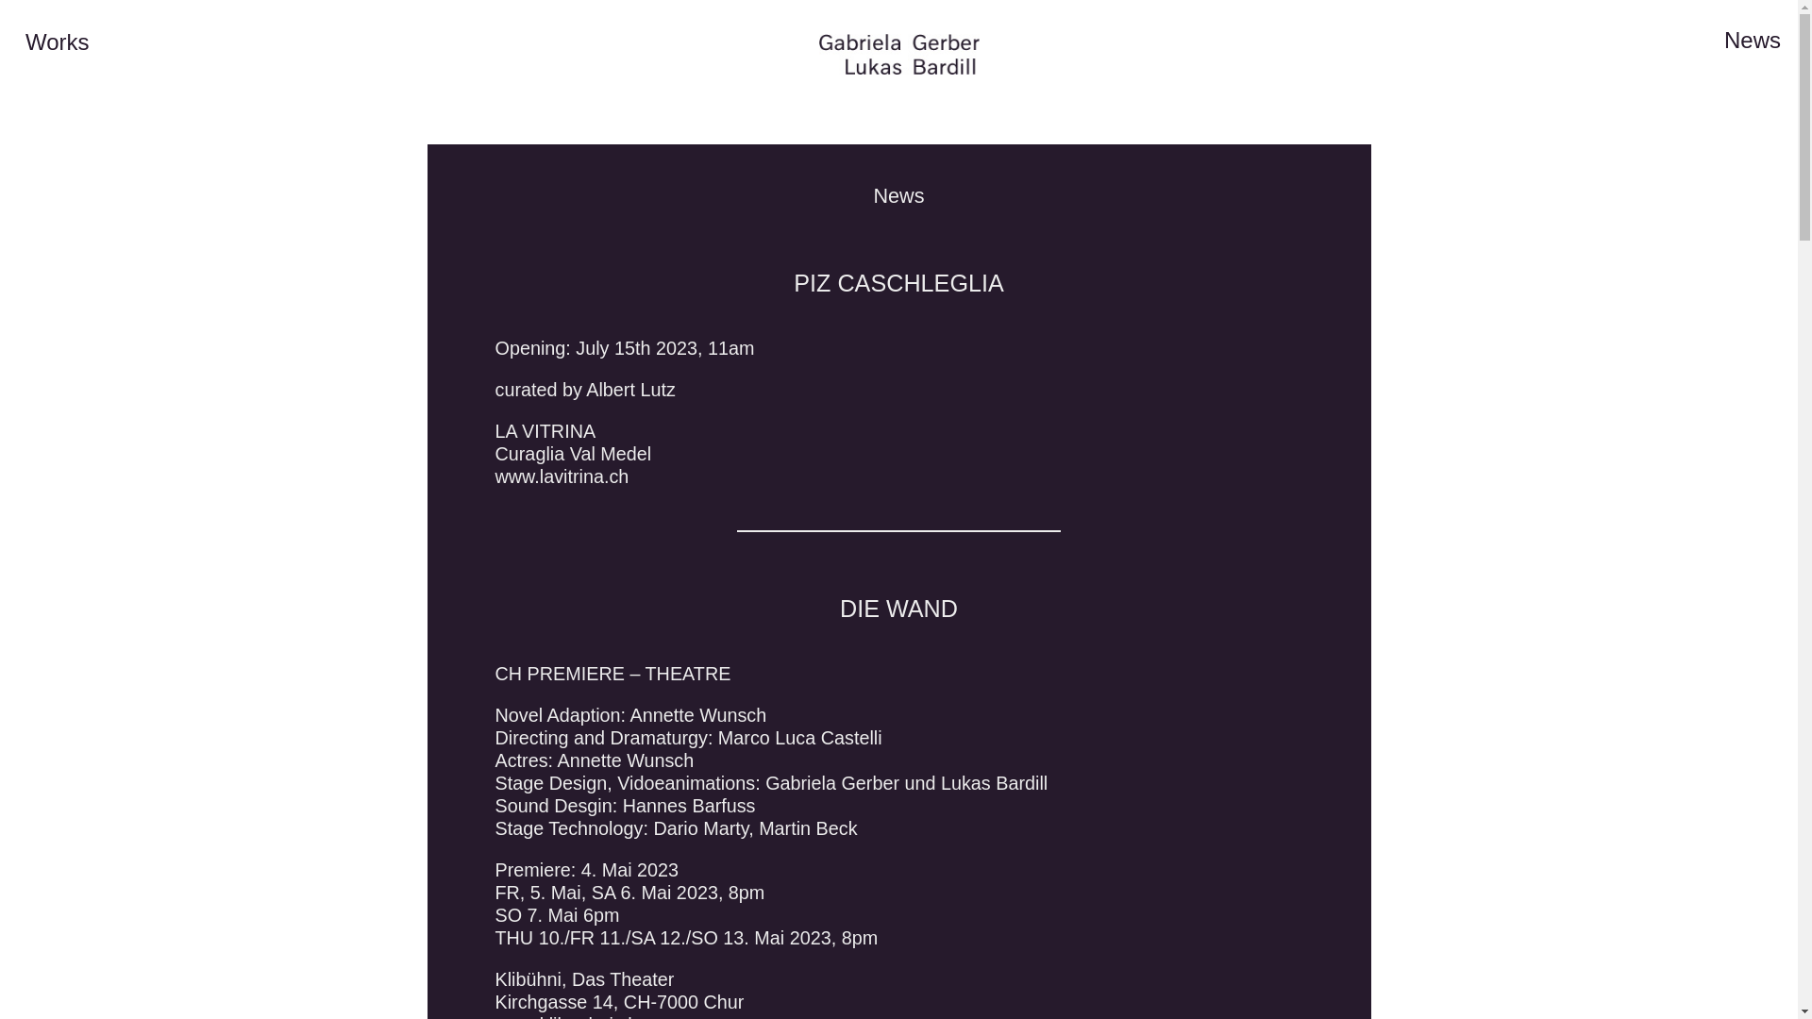  What do you see at coordinates (58, 42) in the screenshot?
I see `'Works'` at bounding box center [58, 42].